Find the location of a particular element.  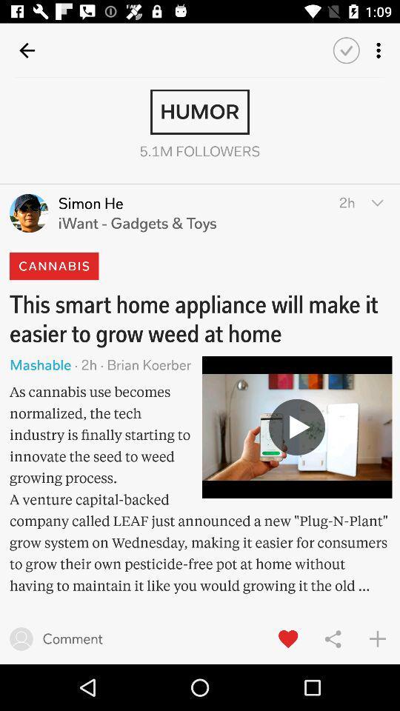

the location_crosshair icon is located at coordinates (199, 285).